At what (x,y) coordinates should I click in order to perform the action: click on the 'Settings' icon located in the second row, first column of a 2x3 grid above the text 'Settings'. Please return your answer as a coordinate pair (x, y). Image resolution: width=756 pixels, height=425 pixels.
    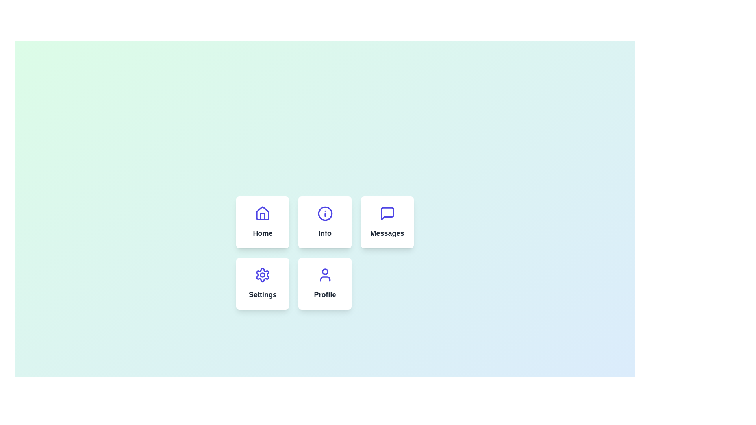
    Looking at the image, I should click on (263, 274).